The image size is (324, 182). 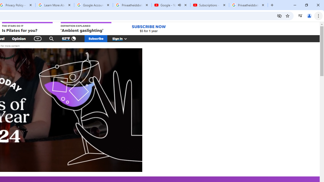 I want to click on 'Subscribe', so click(x=96, y=38).